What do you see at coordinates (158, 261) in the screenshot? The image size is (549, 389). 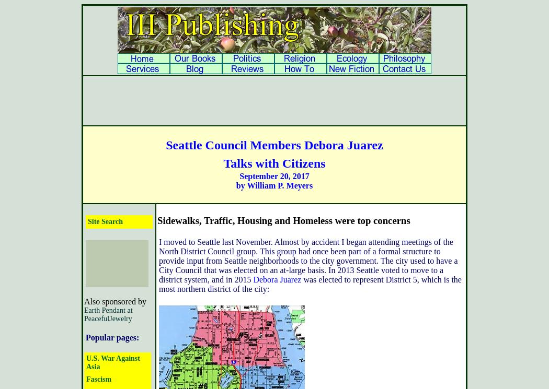 I see `'I moved to Seattle last November. Almost by accident I began attending meetings of the North District Council group. This group had once been part of a formal structure to provide input from Seattle neighborhoods to the city government. The city used to have a City Council that was elected on an at-large basis. In 2013 Seattle voted to move to a district system, and in 2015'` at bounding box center [158, 261].